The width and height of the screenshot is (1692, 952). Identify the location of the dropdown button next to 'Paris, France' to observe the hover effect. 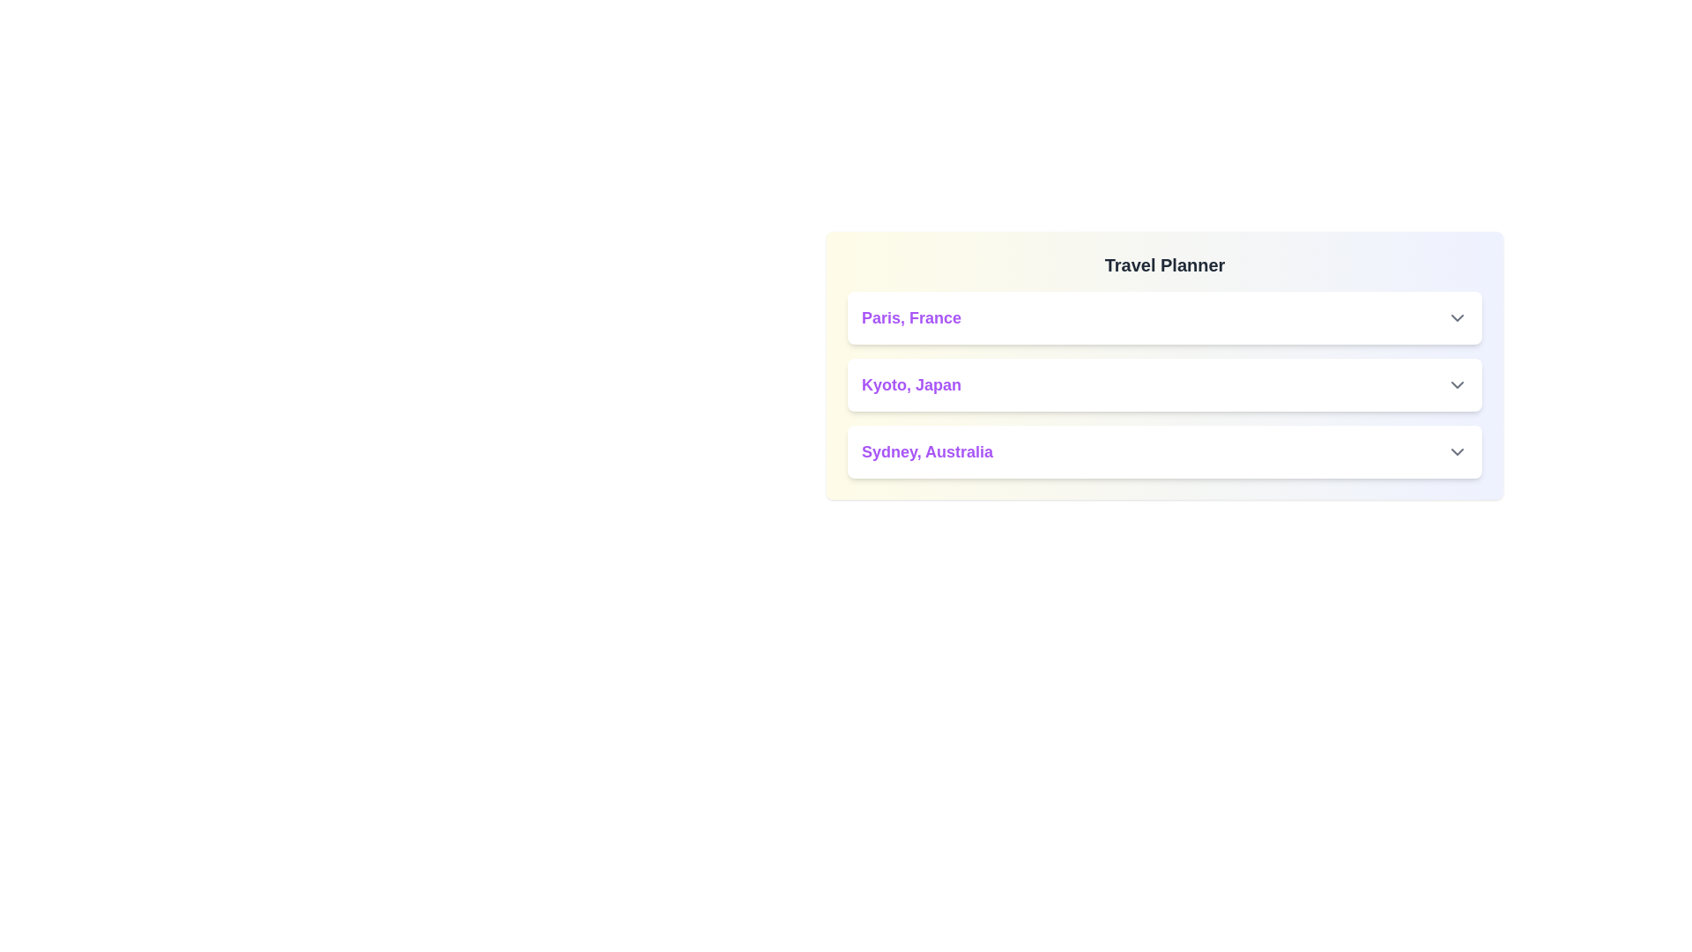
(1458, 318).